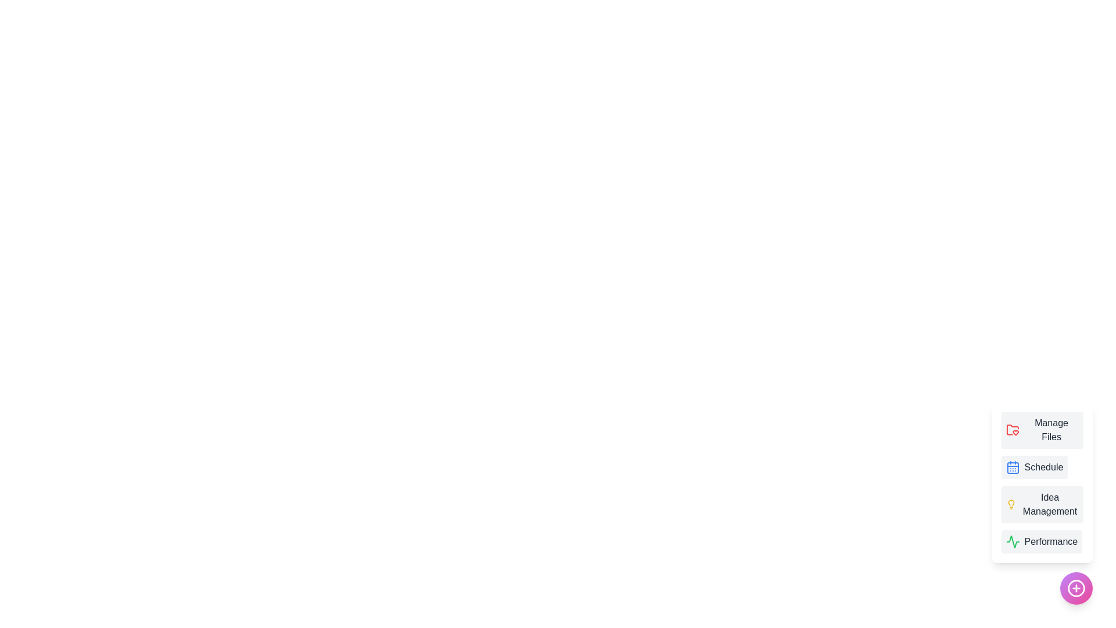 The image size is (1116, 628). What do you see at coordinates (1035, 466) in the screenshot?
I see `the menu item labeled 'Schedule' to display its tooltip or visual feedback` at bounding box center [1035, 466].